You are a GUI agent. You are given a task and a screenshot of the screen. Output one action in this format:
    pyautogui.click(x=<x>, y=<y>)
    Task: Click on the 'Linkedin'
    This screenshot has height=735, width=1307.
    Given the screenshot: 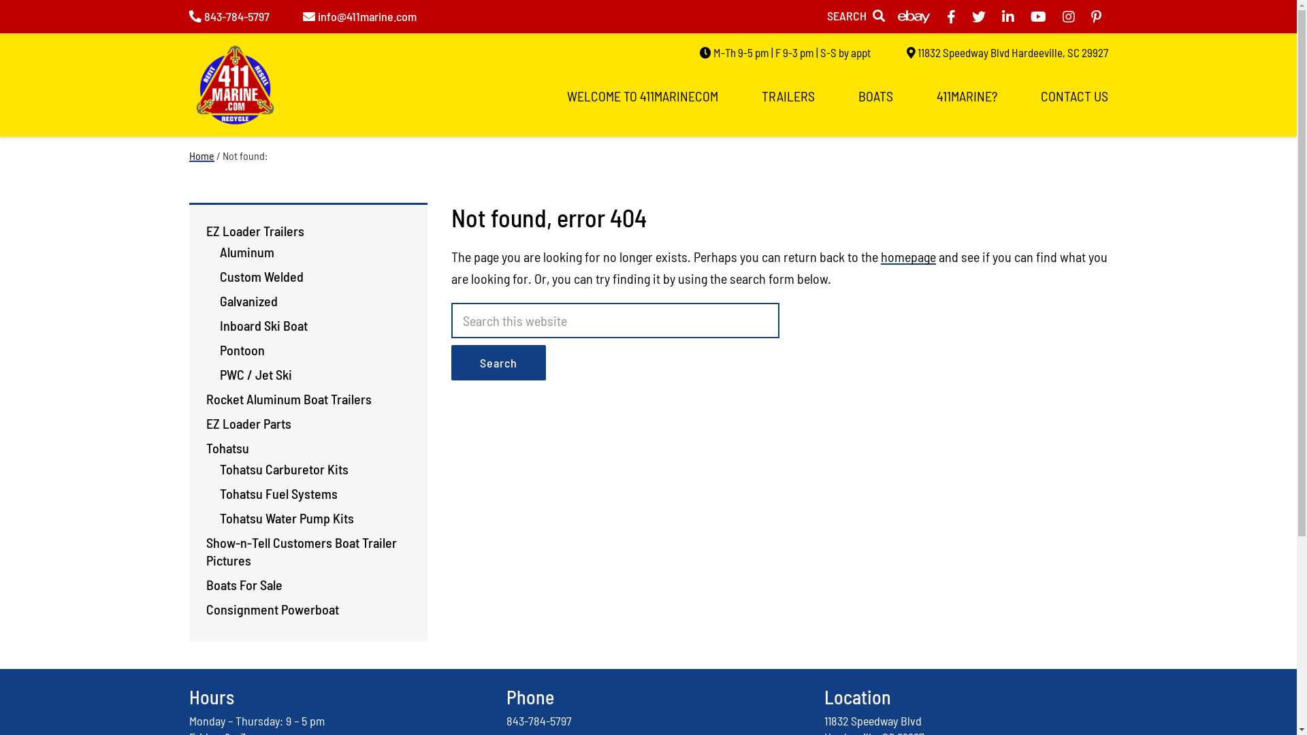 What is the action you would take?
    pyautogui.click(x=1008, y=16)
    